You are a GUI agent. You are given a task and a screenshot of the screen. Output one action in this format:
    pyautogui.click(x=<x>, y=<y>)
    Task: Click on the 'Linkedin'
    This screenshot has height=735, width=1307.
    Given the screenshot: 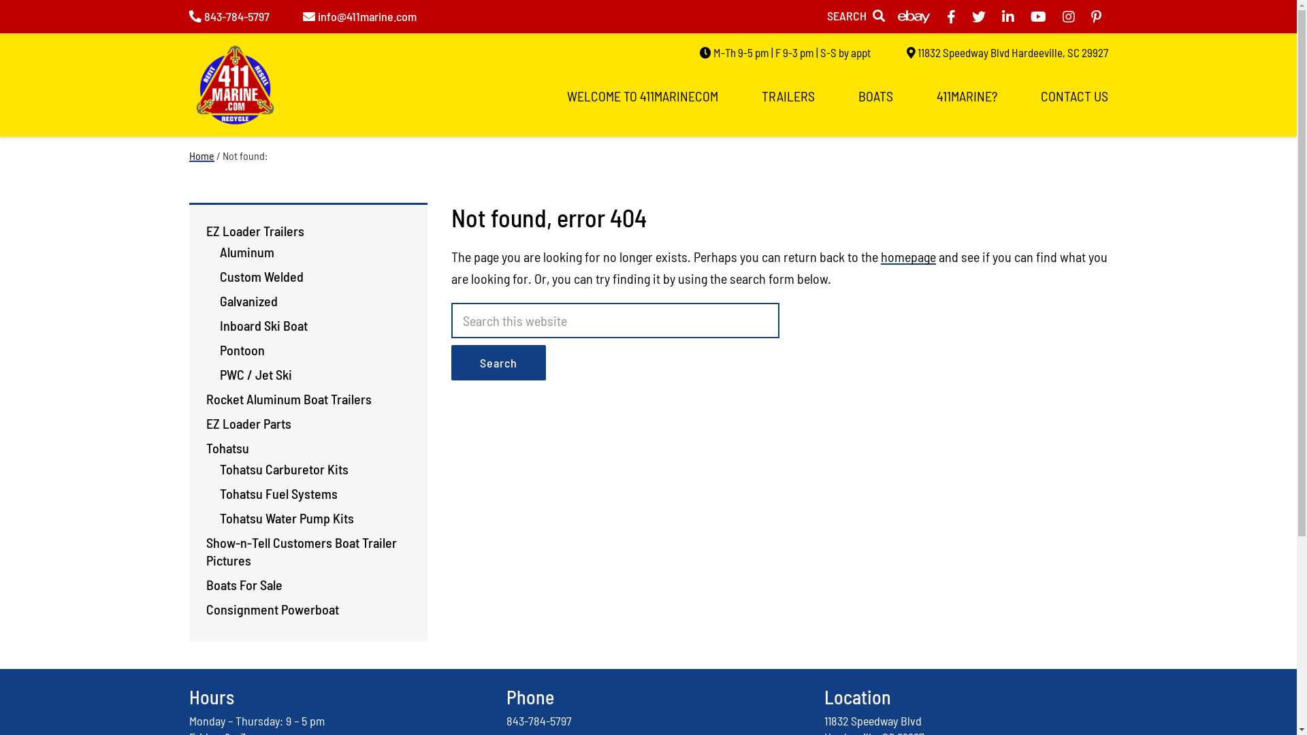 What is the action you would take?
    pyautogui.click(x=1008, y=16)
    